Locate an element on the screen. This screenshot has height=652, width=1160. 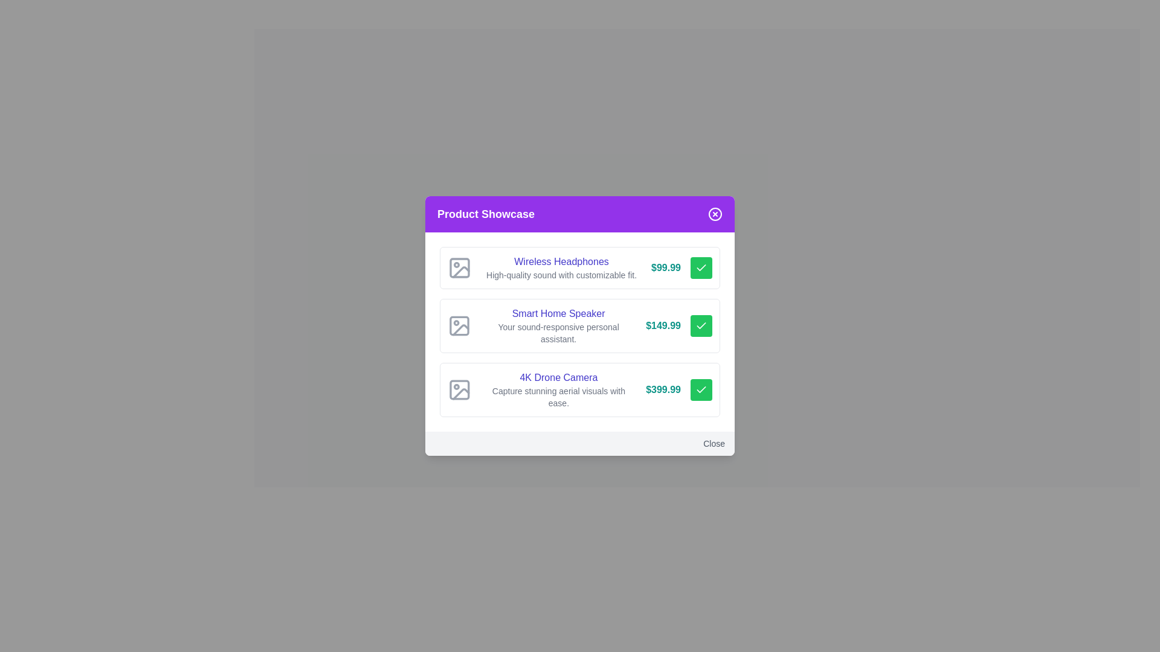
the 'Wireless Headphones' text description component in the 'Product Showcase' modal is located at coordinates (561, 267).